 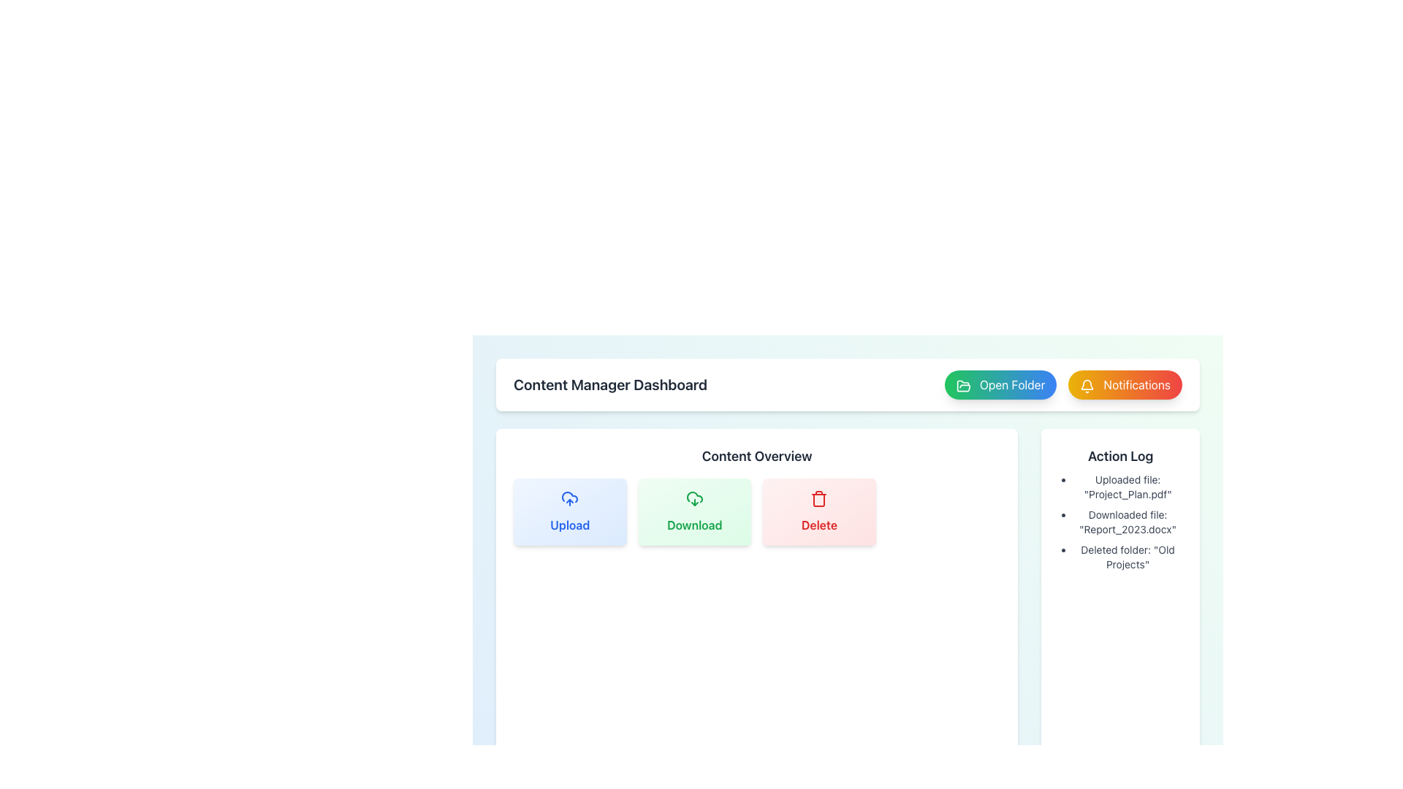 I want to click on the second item in the Action Log that indicates the user action of downloading 'Report_2023.docx', so click(x=1119, y=521).